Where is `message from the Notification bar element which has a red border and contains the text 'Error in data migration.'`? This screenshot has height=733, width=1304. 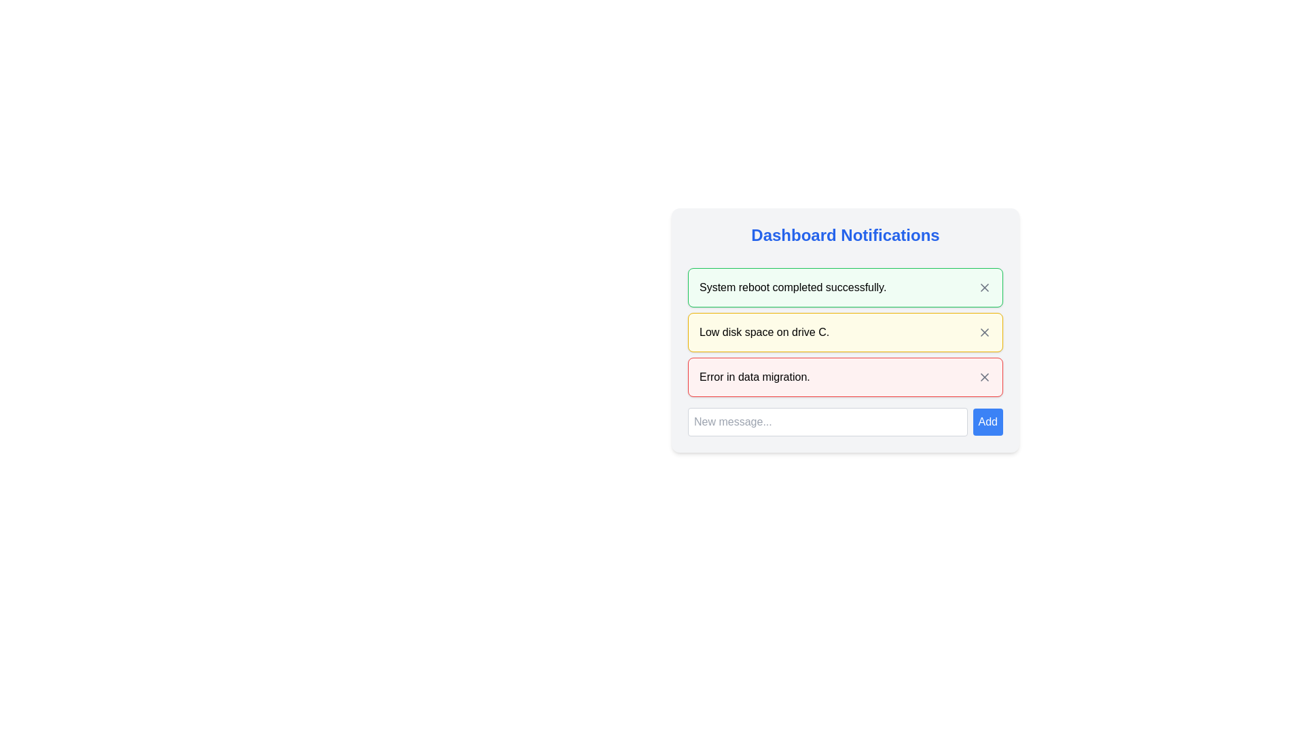
message from the Notification bar element which has a red border and contains the text 'Error in data migration.' is located at coordinates (844, 377).